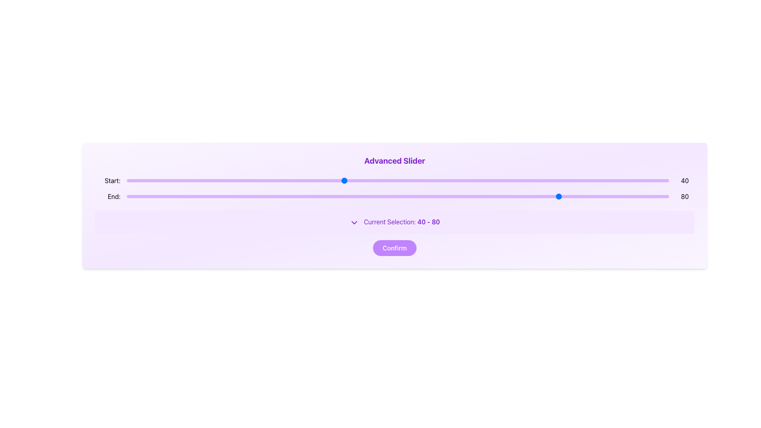 This screenshot has width=761, height=428. Describe the element at coordinates (398, 196) in the screenshot. I see `the slider handle positioned at the center of the slider, which is currently set to a value of 80` at that location.